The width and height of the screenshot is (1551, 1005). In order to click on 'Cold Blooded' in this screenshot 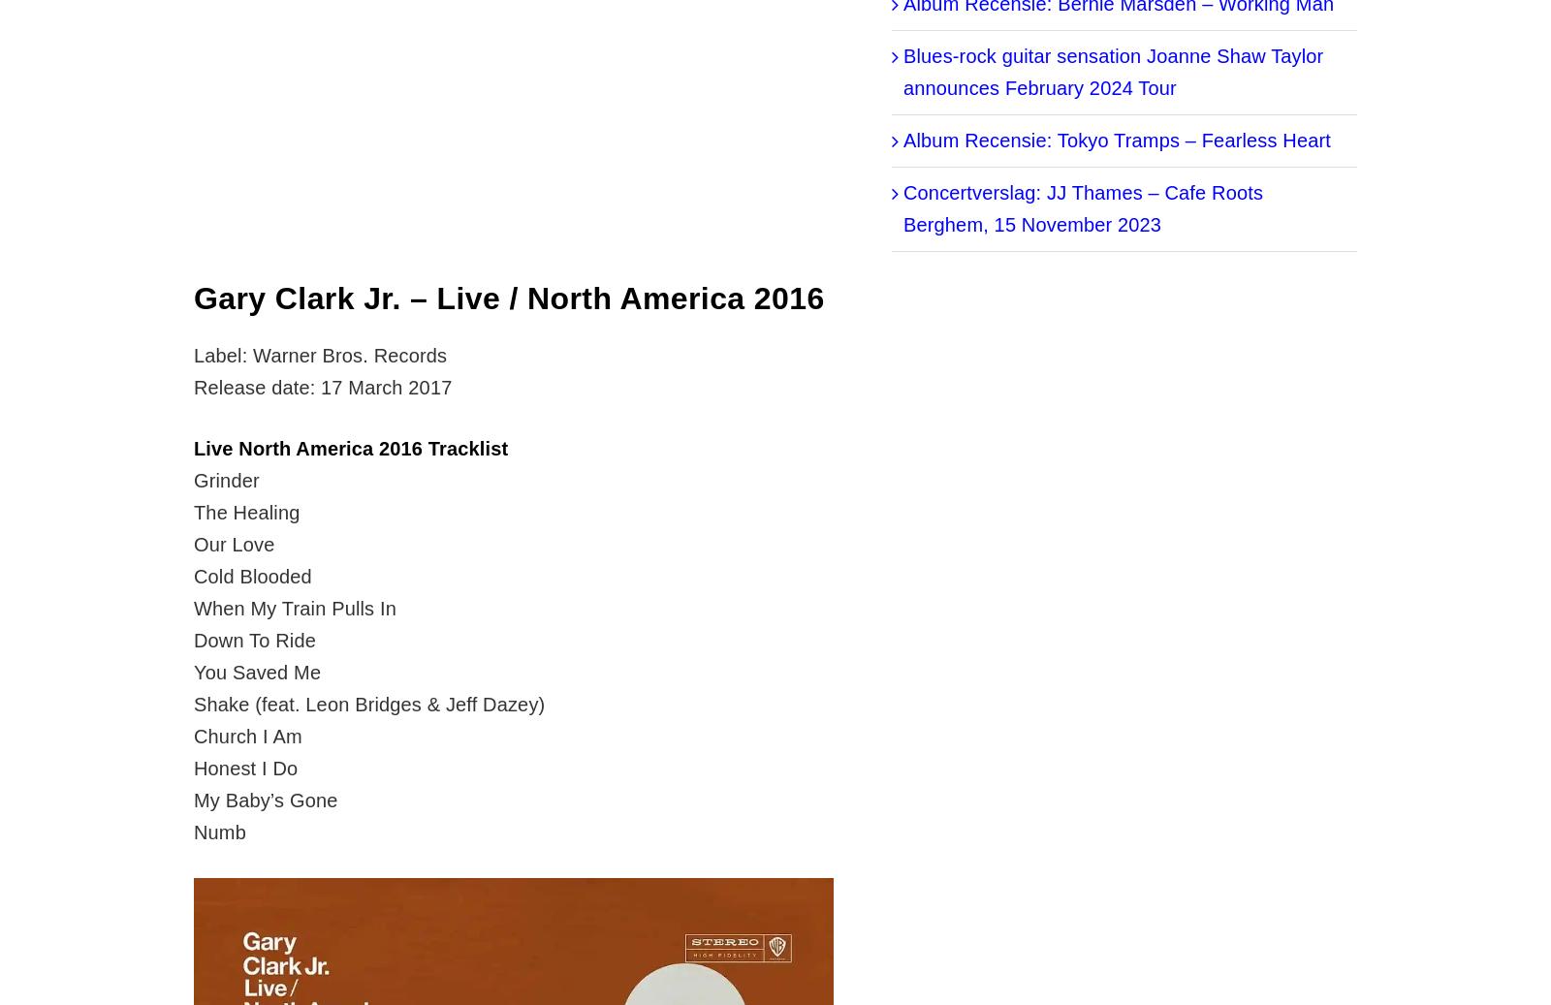, I will do `click(252, 577)`.